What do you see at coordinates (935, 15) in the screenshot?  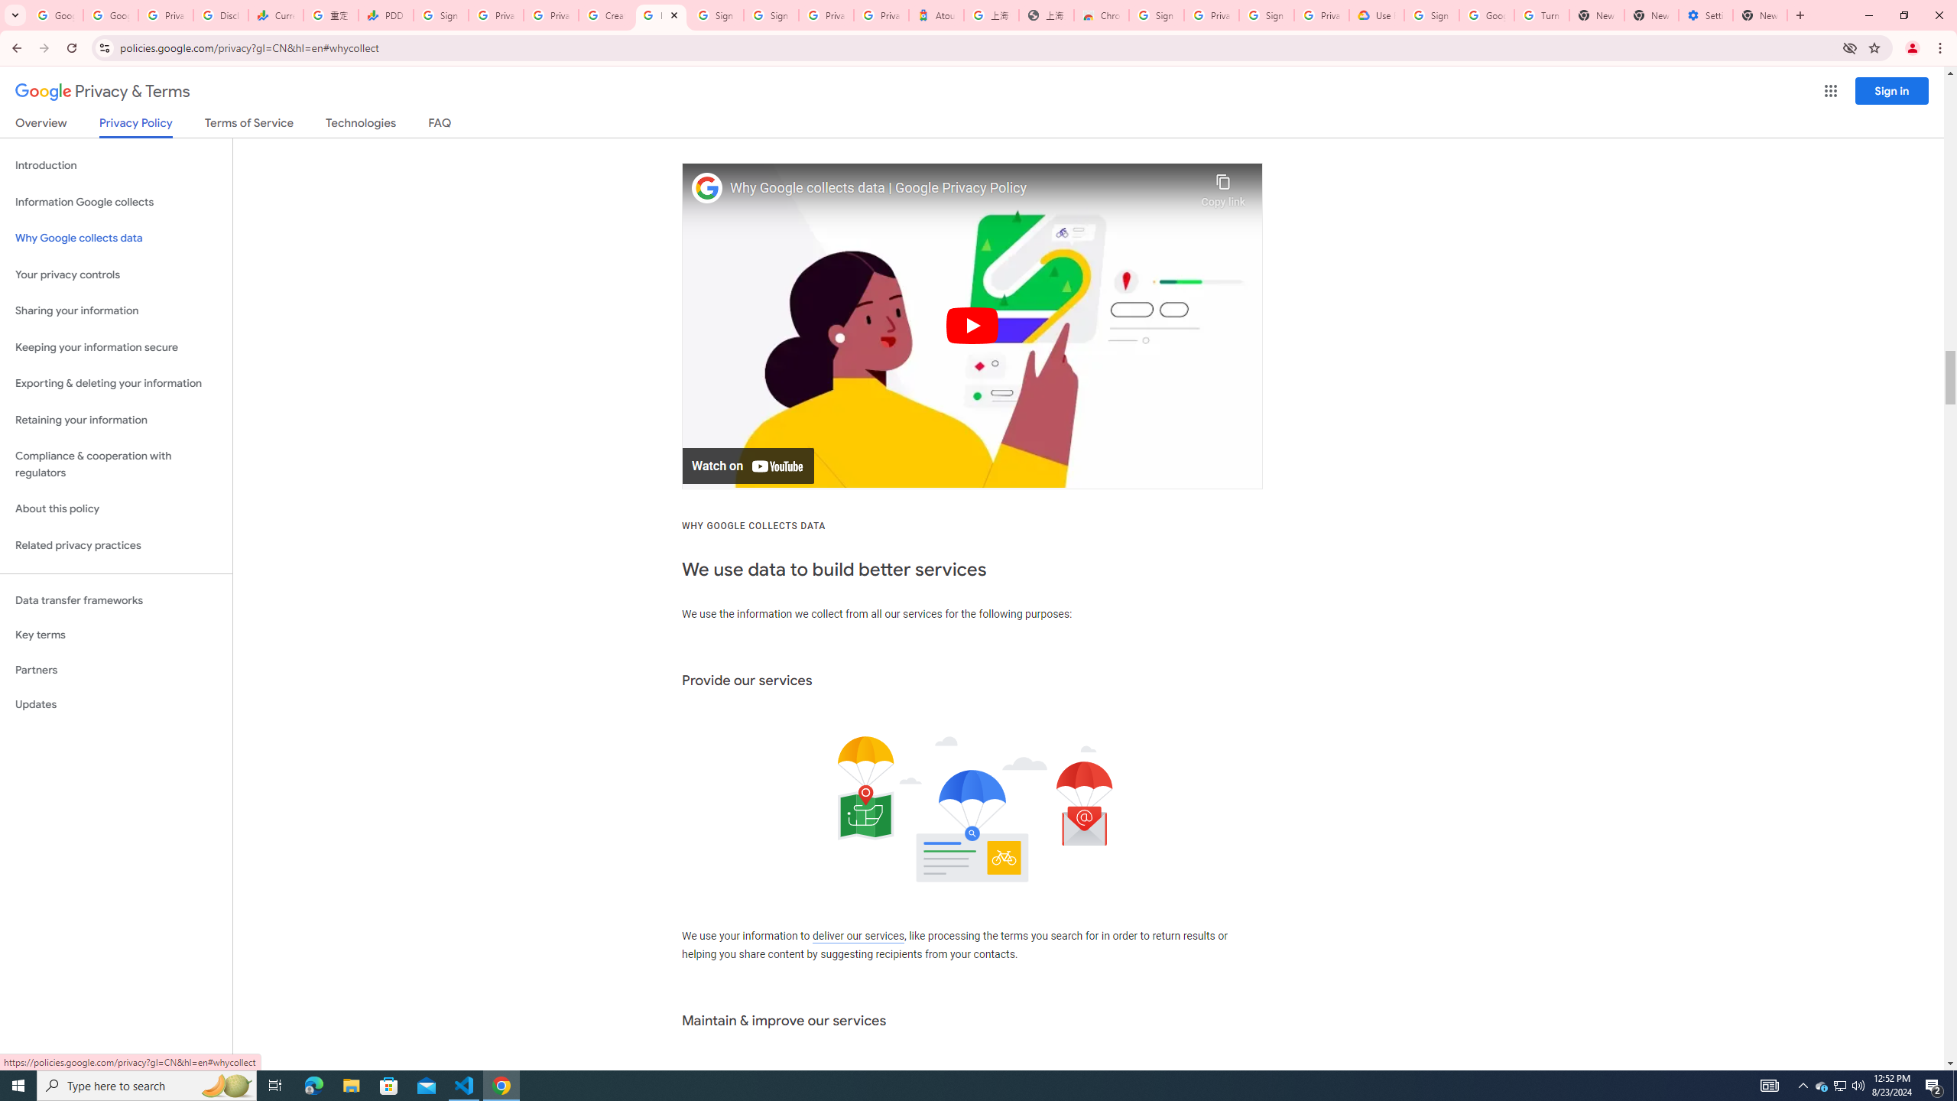 I see `'Atour Hotel - Google hotels'` at bounding box center [935, 15].